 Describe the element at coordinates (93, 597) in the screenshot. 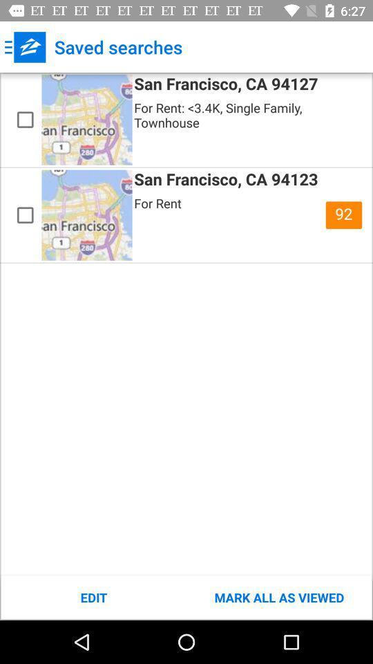

I see `the item next to the mark all as icon` at that location.